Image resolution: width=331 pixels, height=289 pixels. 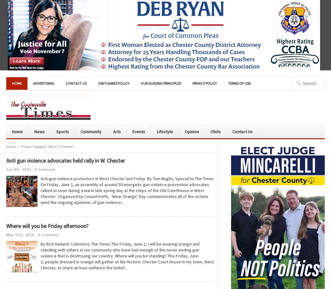 What do you see at coordinates (62, 131) in the screenshot?
I see `'Sports'` at bounding box center [62, 131].